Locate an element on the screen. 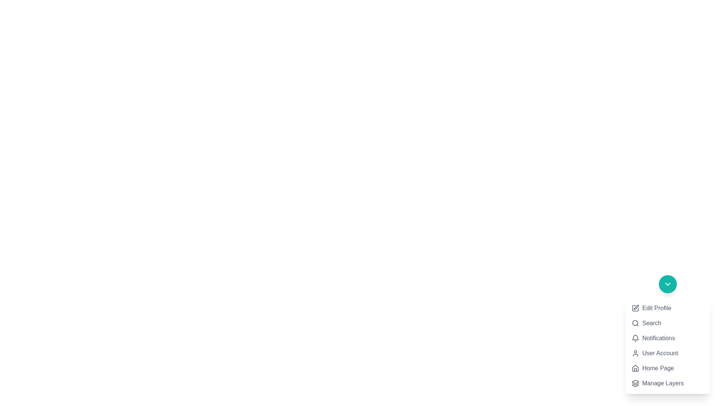 The height and width of the screenshot is (406, 722). the icon located to the left of the 'Manage Layers' text in the dropdown menu, which serves as a visual identifier for the 'Manage Layers' option is located at coordinates (635, 383).